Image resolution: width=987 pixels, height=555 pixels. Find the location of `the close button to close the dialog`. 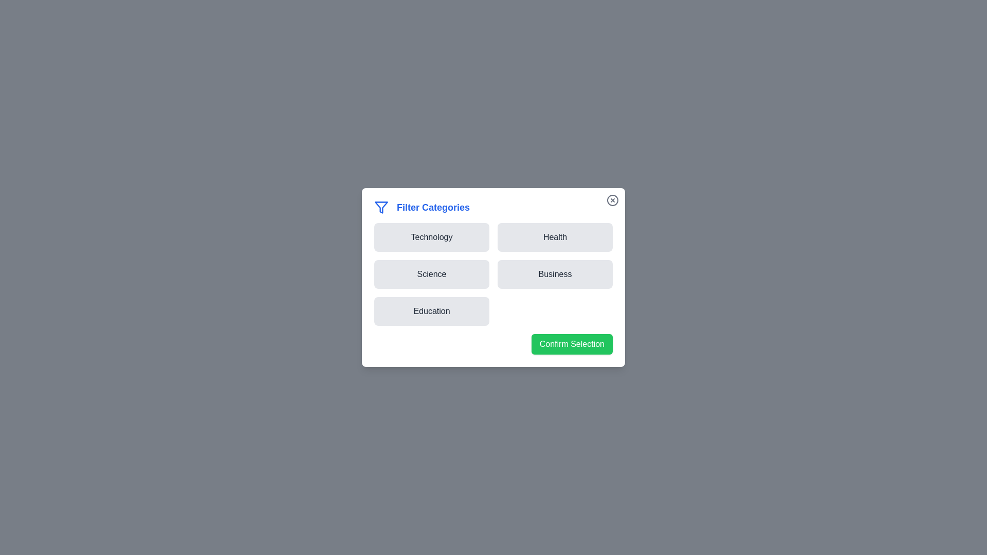

the close button to close the dialog is located at coordinates (612, 200).